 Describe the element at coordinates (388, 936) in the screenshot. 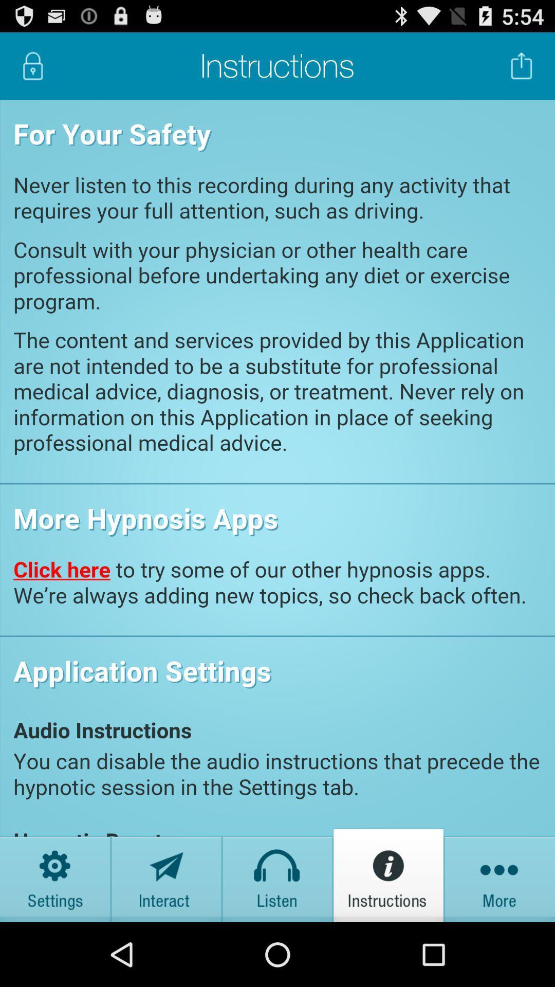

I see `the info icon` at that location.